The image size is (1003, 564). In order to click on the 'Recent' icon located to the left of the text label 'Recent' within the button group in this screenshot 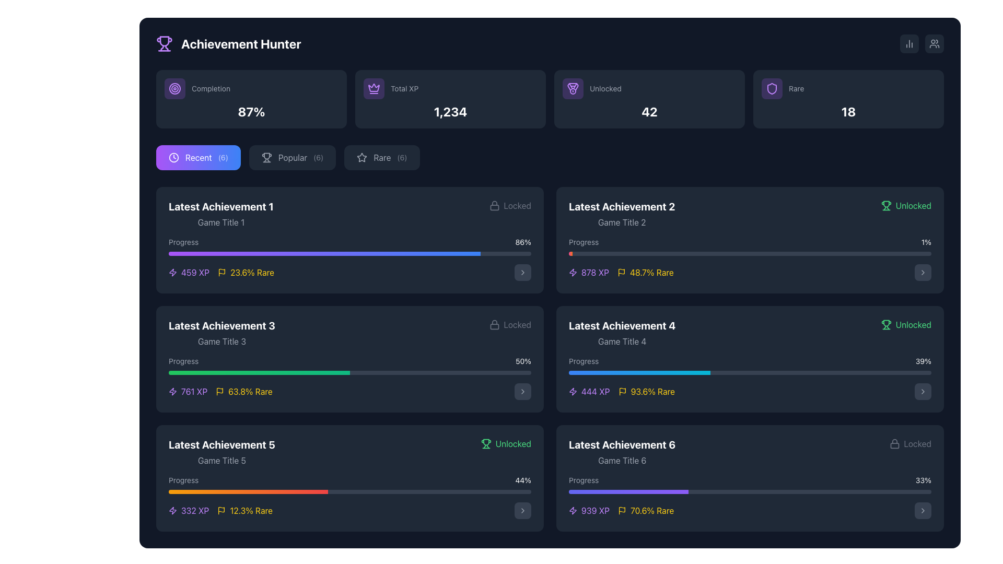, I will do `click(173, 157)`.